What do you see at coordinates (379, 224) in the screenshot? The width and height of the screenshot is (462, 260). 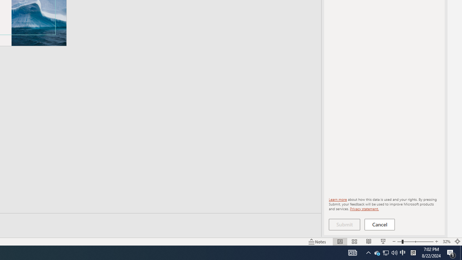 I see `'Cancel'` at bounding box center [379, 224].